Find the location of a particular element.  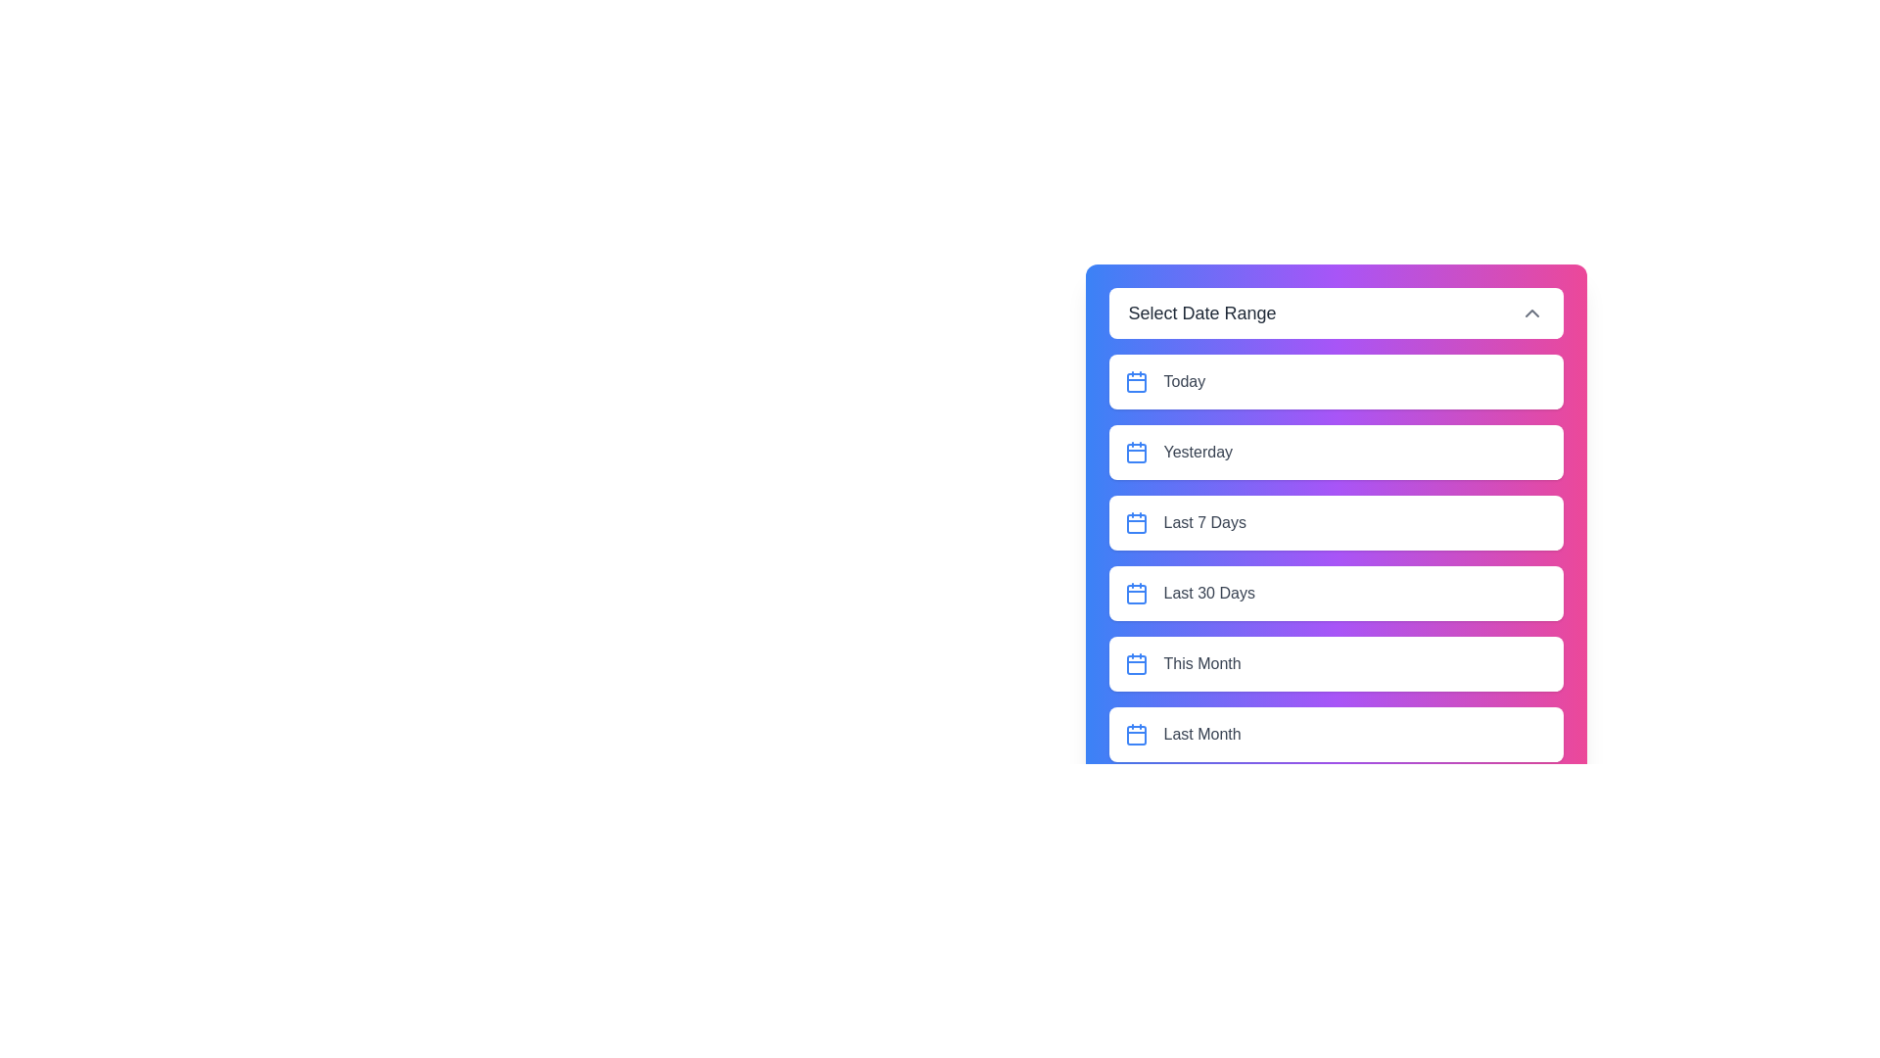

the icon next to the date range Last Month is located at coordinates (1136, 734).